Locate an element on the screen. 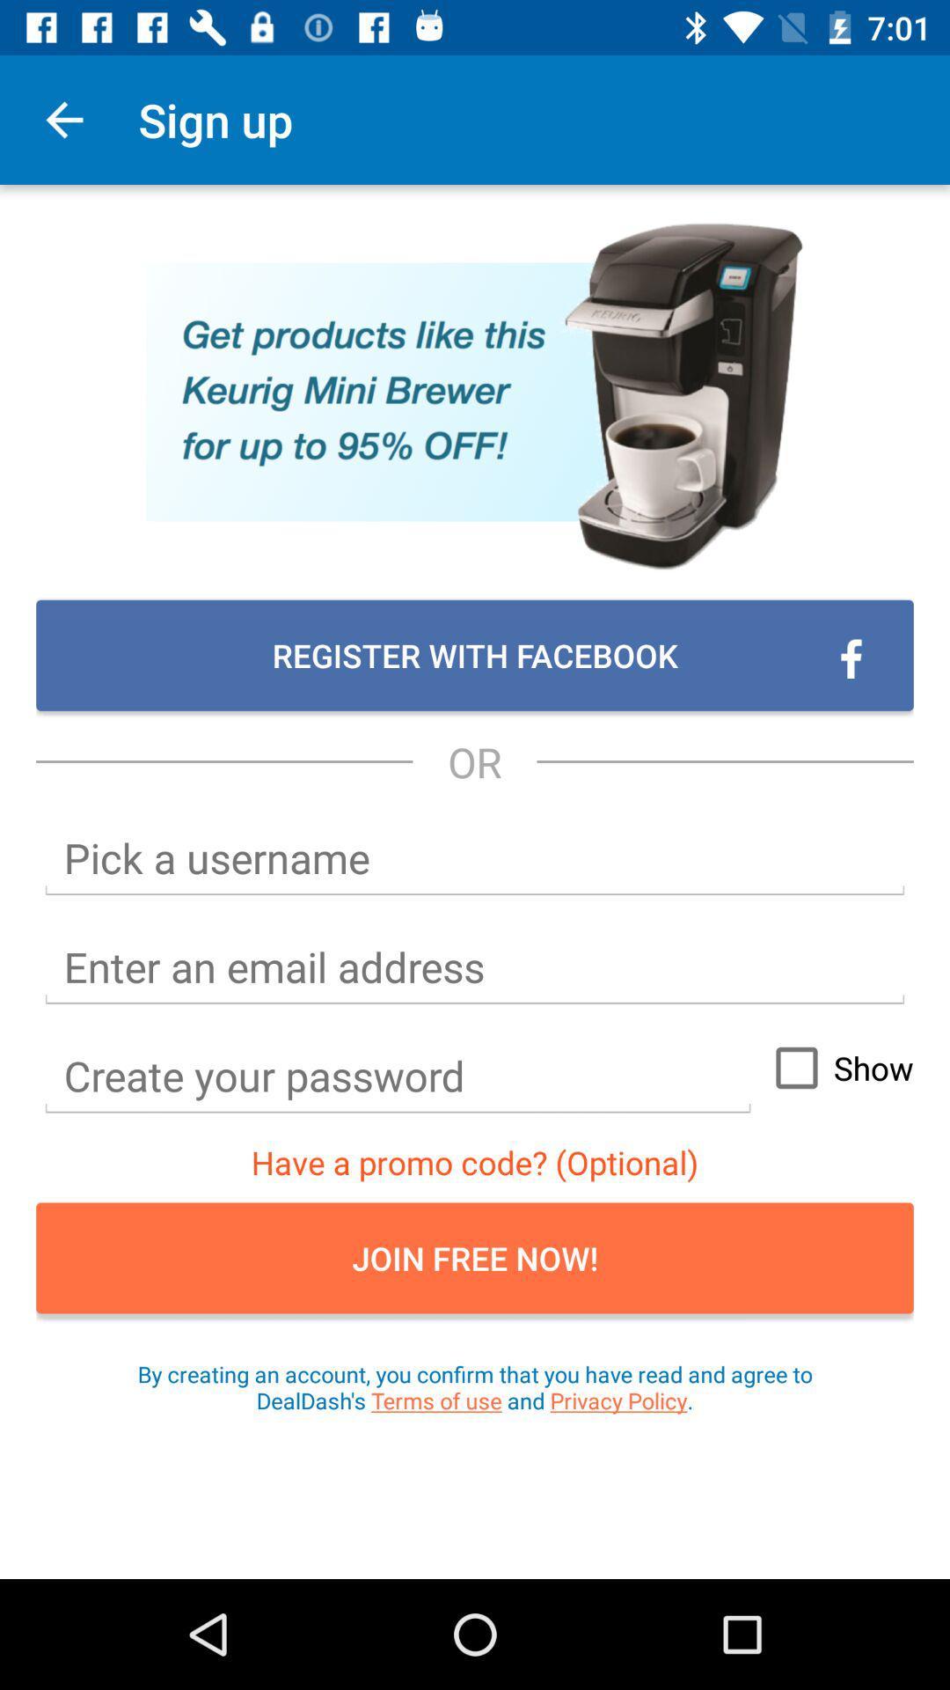 The width and height of the screenshot is (950, 1690). pick a username is located at coordinates (475, 858).